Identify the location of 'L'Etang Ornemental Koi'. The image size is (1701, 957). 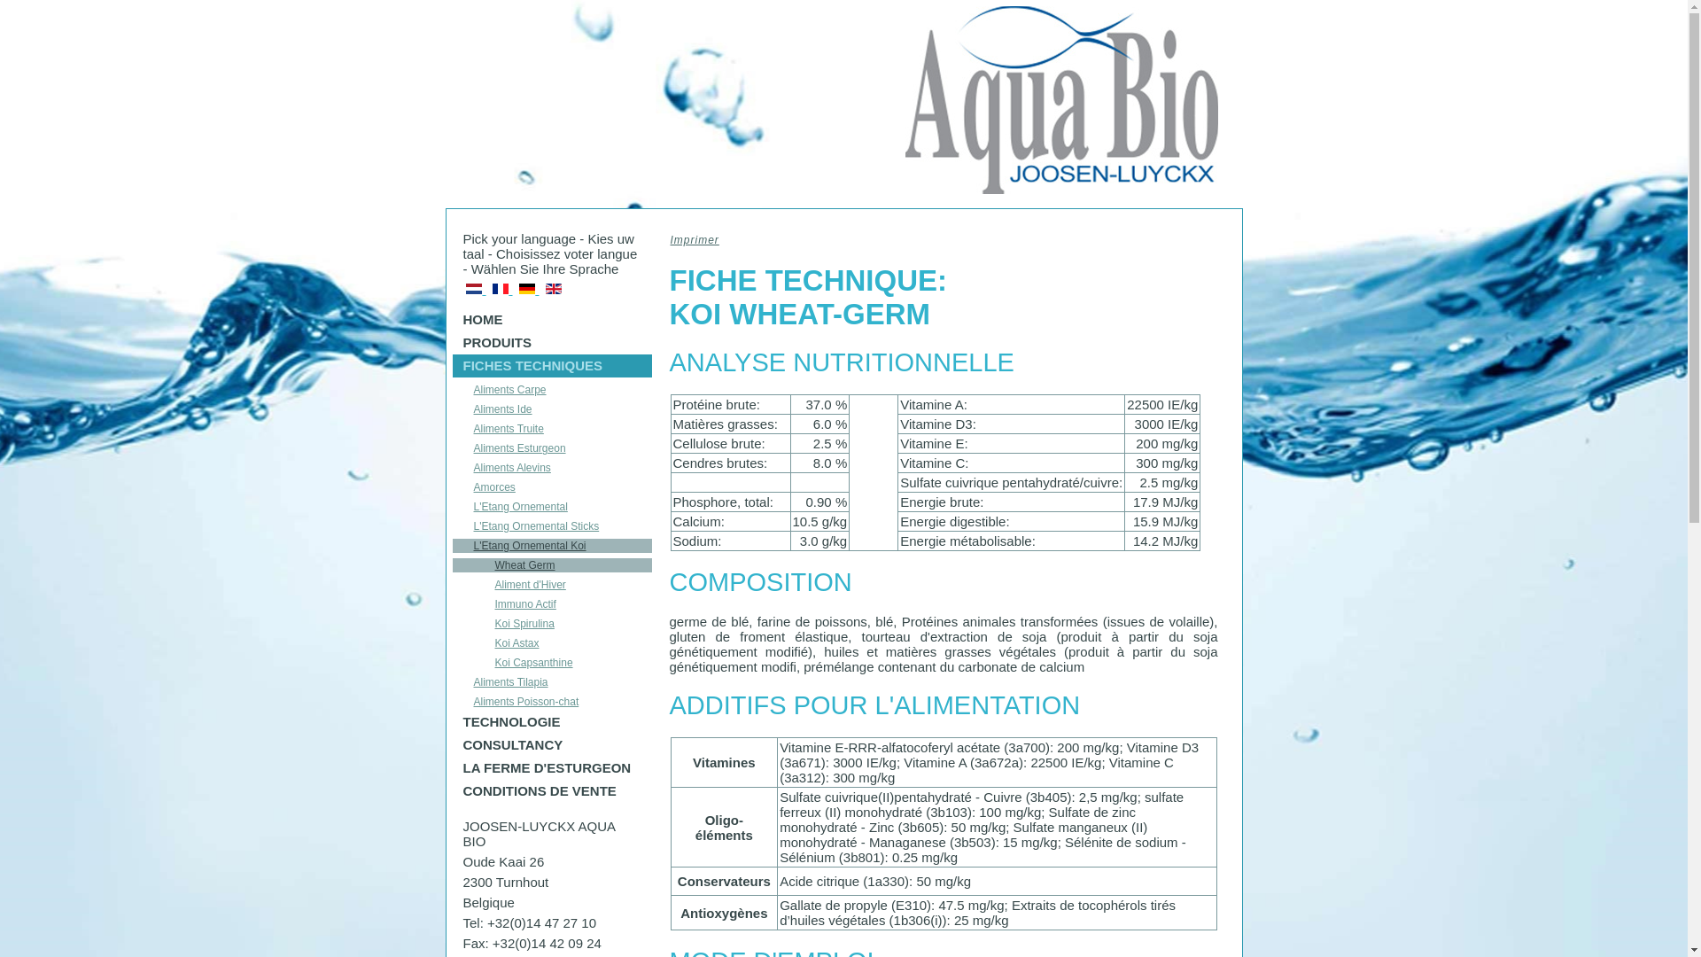
(550, 545).